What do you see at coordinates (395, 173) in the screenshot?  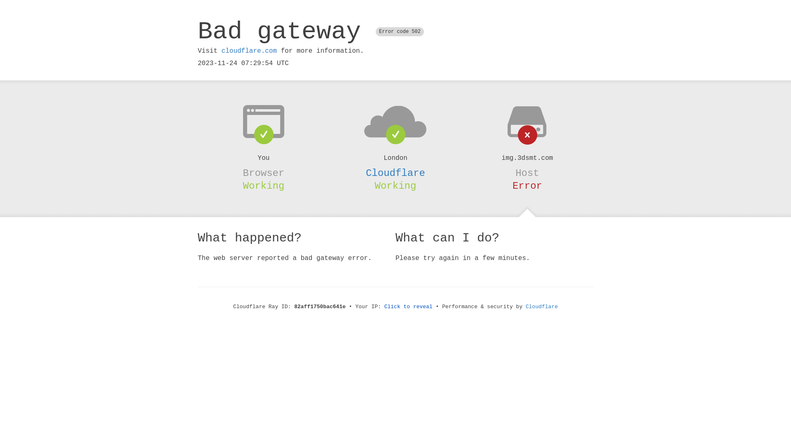 I see `'Cloudflare'` at bounding box center [395, 173].